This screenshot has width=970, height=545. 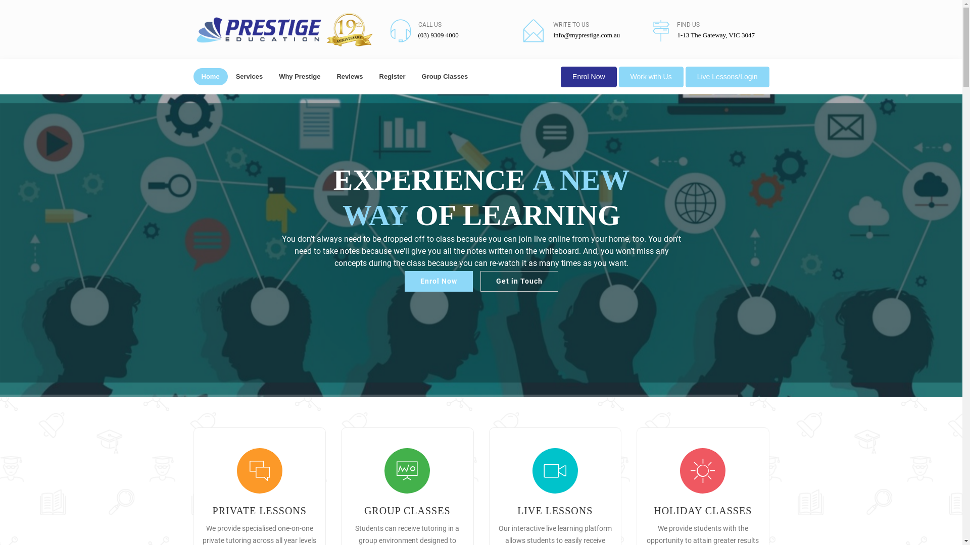 I want to click on 'CALL US', so click(x=429, y=24).